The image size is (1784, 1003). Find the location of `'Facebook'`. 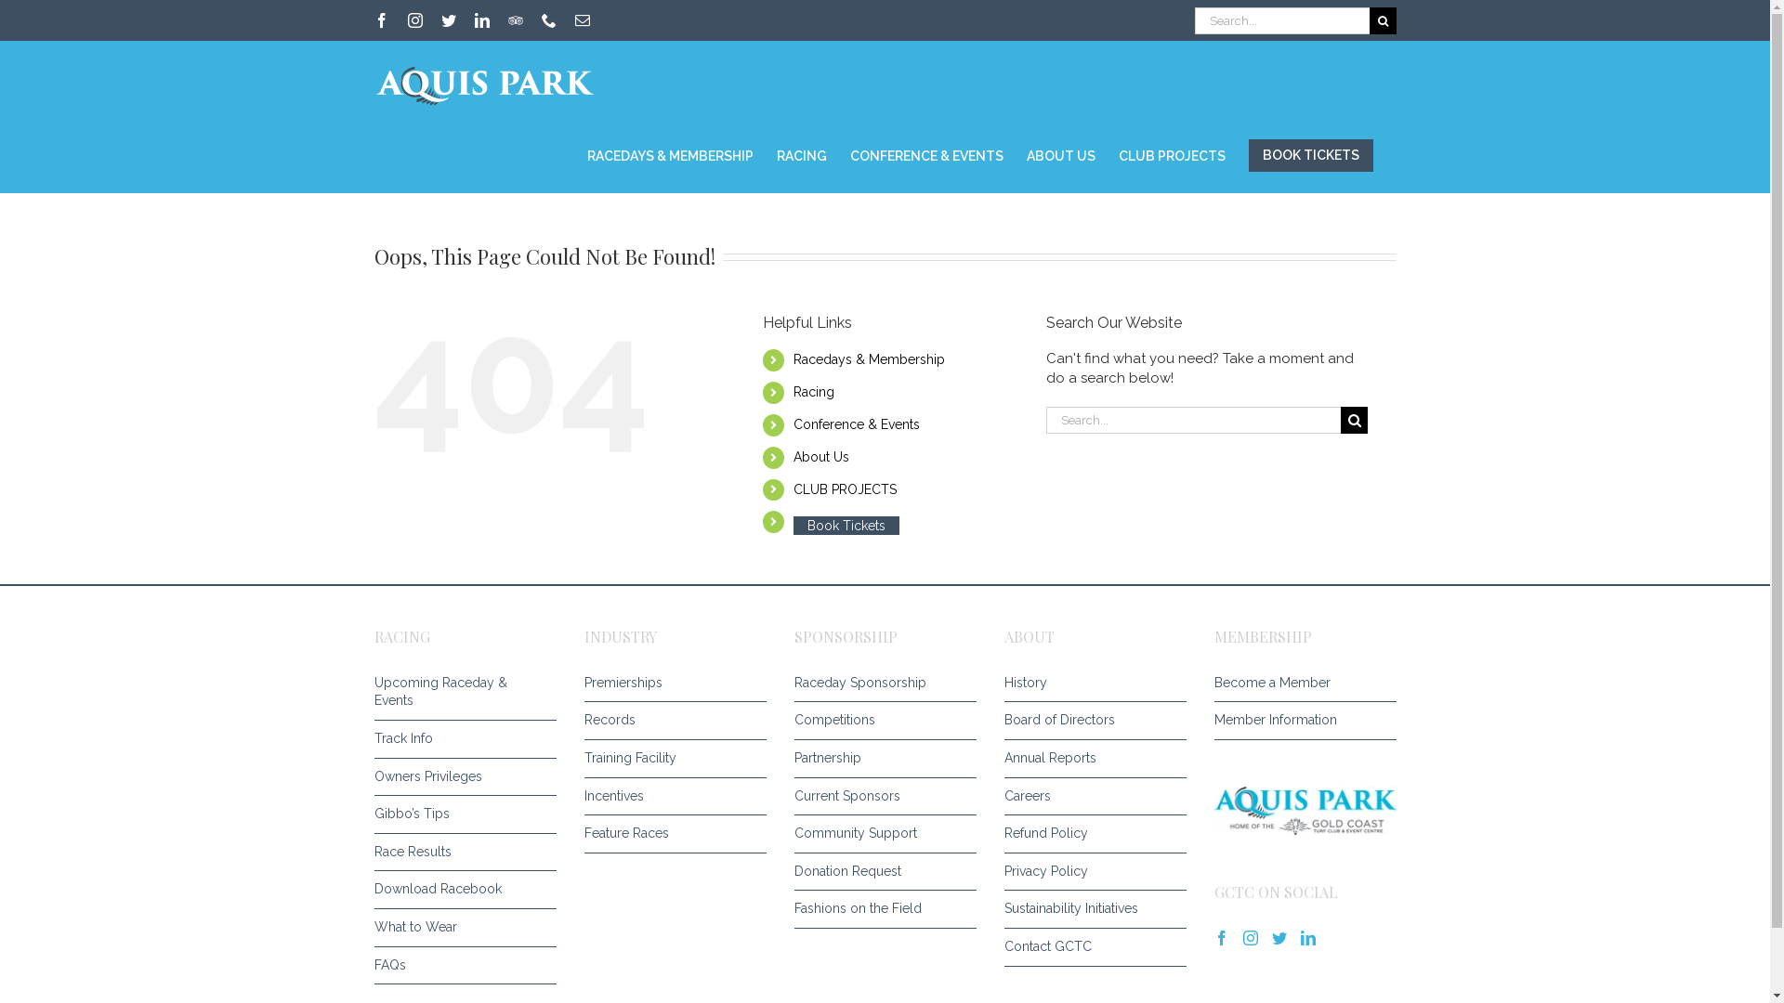

'Facebook' is located at coordinates (373, 20).